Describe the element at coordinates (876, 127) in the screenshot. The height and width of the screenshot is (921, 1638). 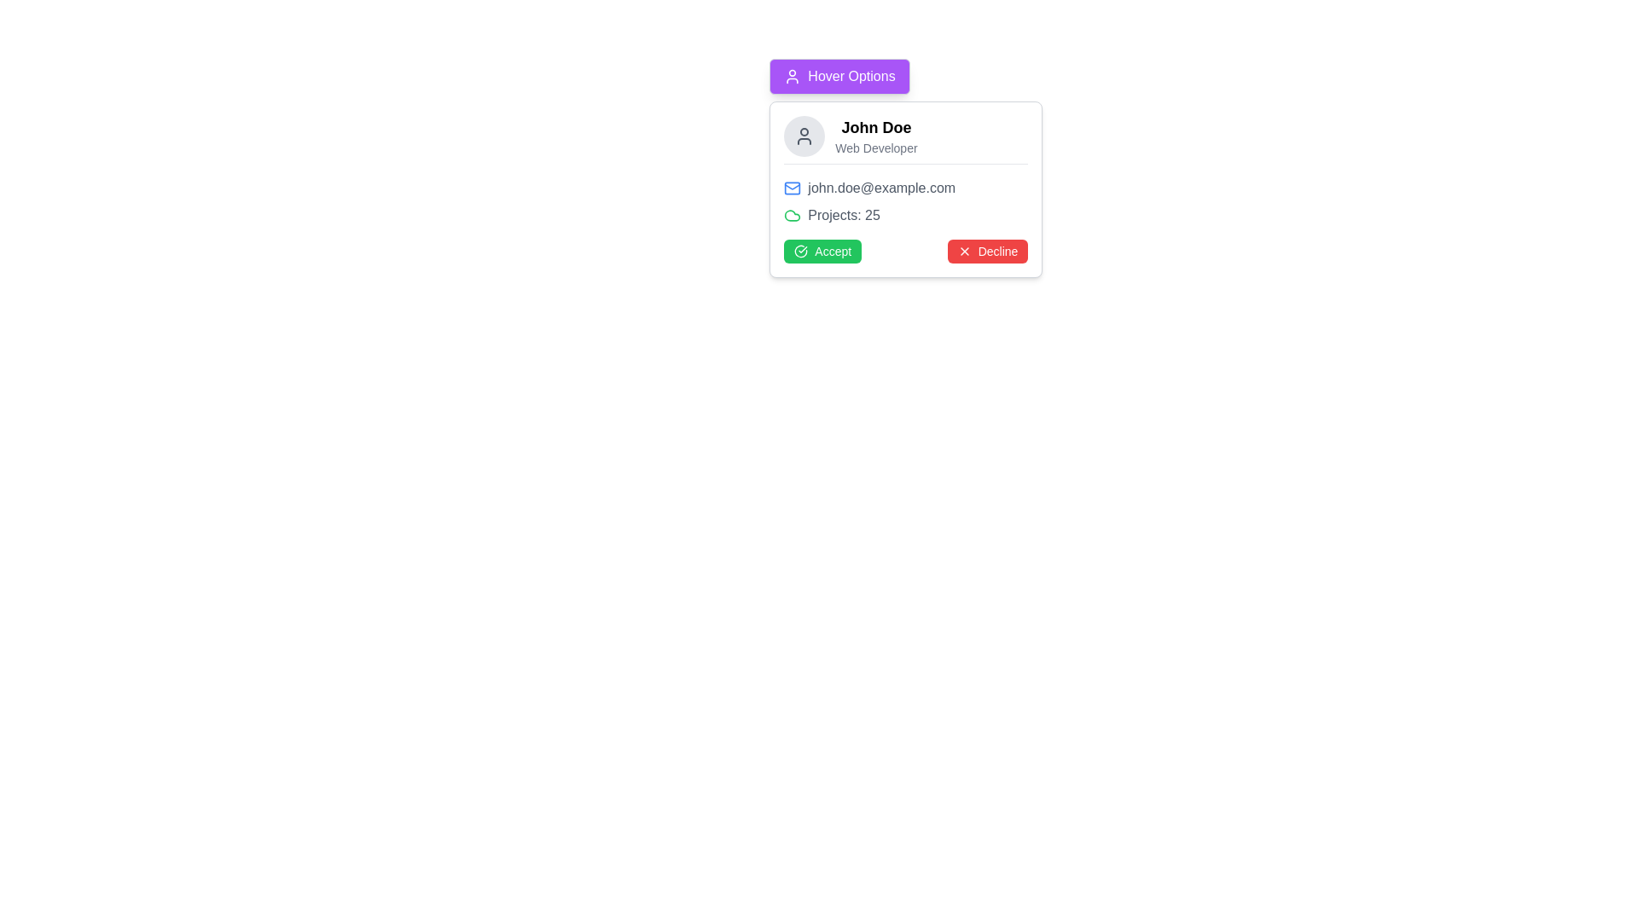
I see `the 'John Doe' text label at the top-left section of the user information card, which is displayed in bold, large font and indicates importance` at that location.